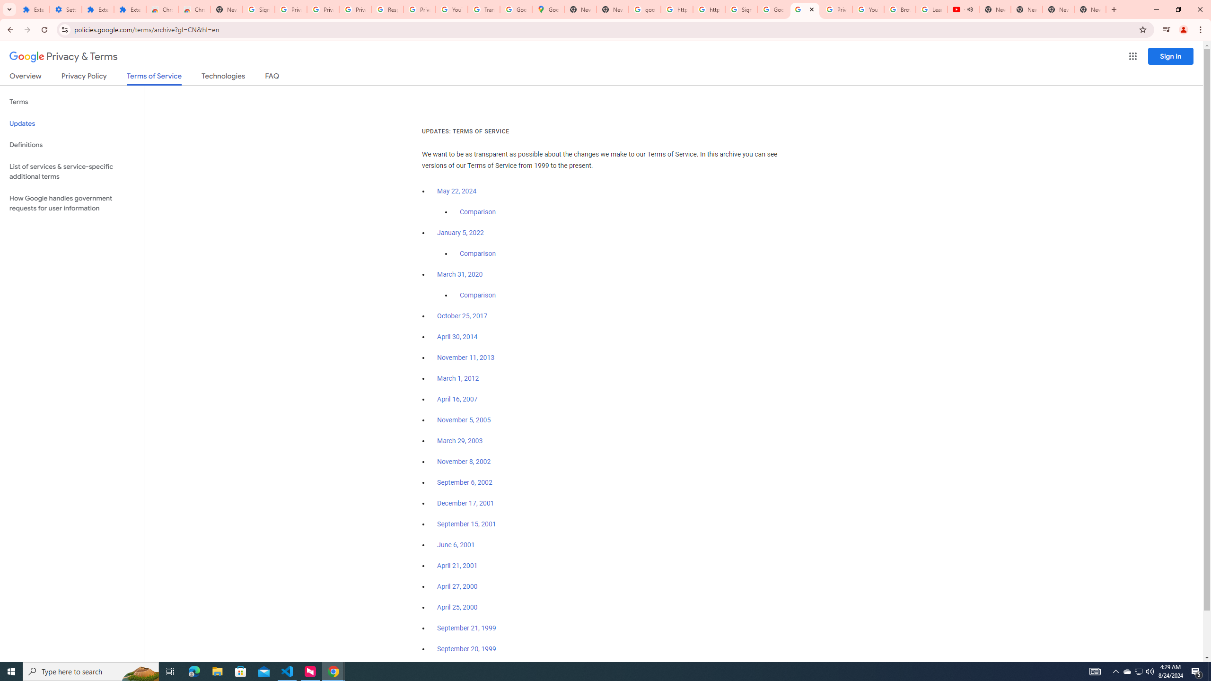 The image size is (1211, 681). What do you see at coordinates (71, 102) in the screenshot?
I see `'Terms'` at bounding box center [71, 102].